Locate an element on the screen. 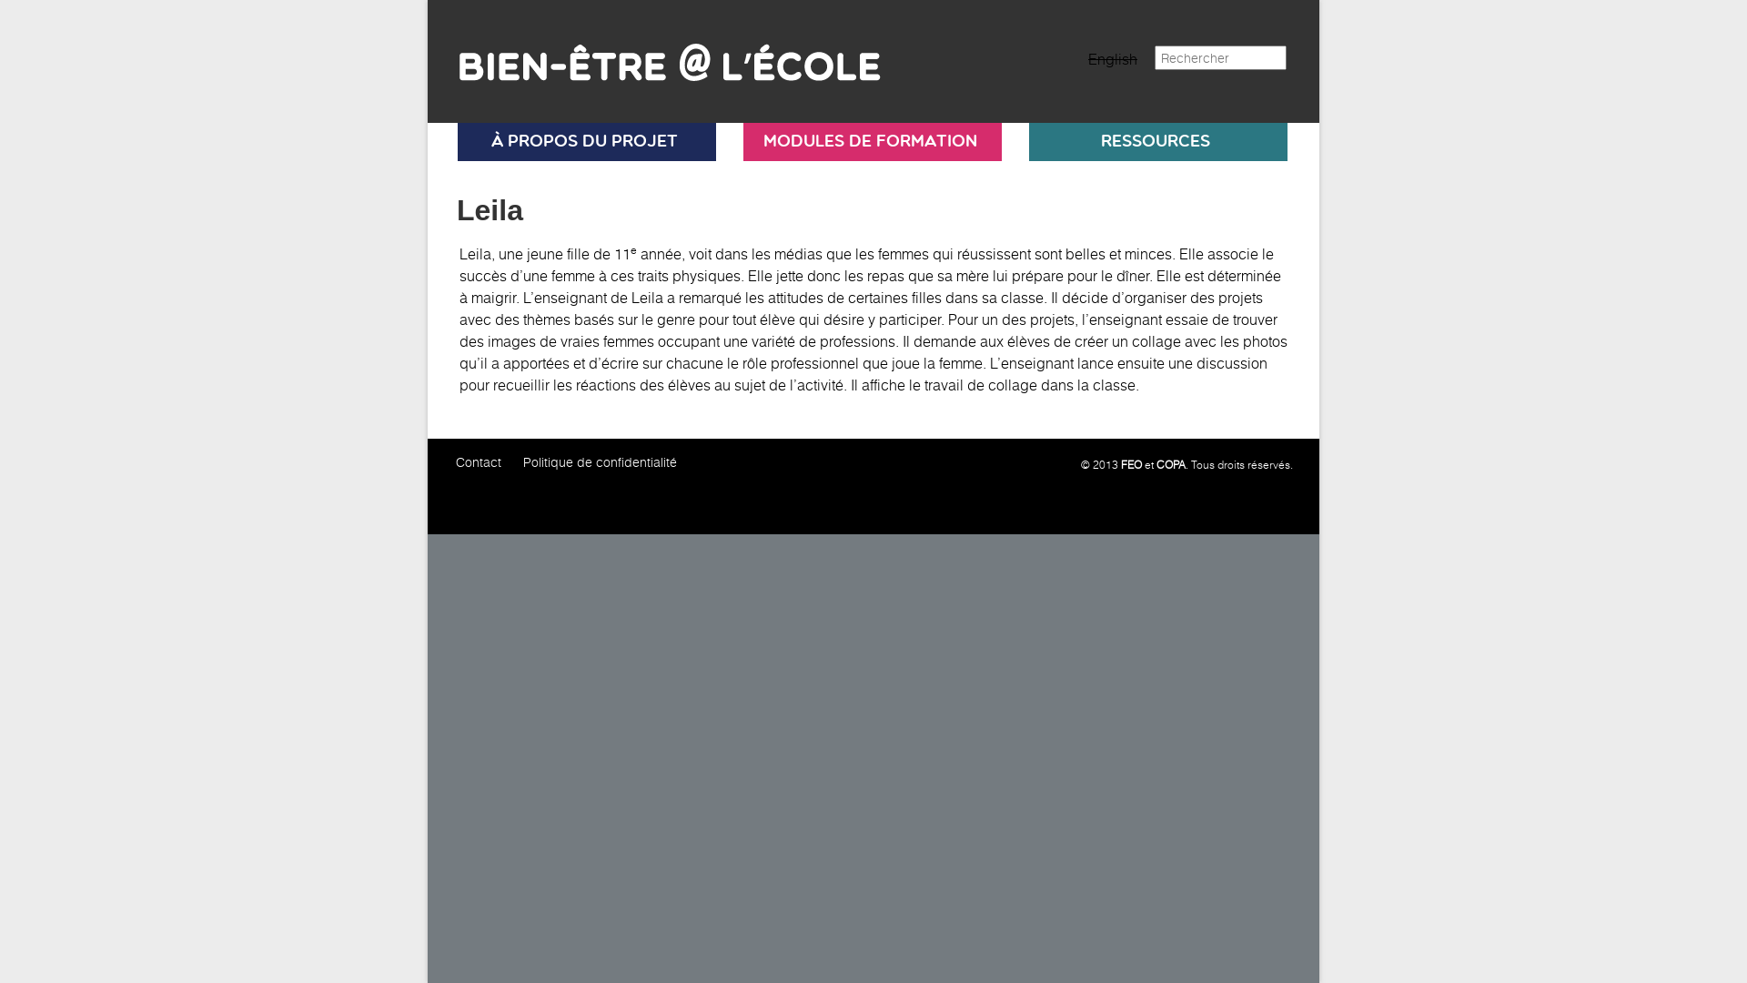  'Accueil' is located at coordinates (658, 53).